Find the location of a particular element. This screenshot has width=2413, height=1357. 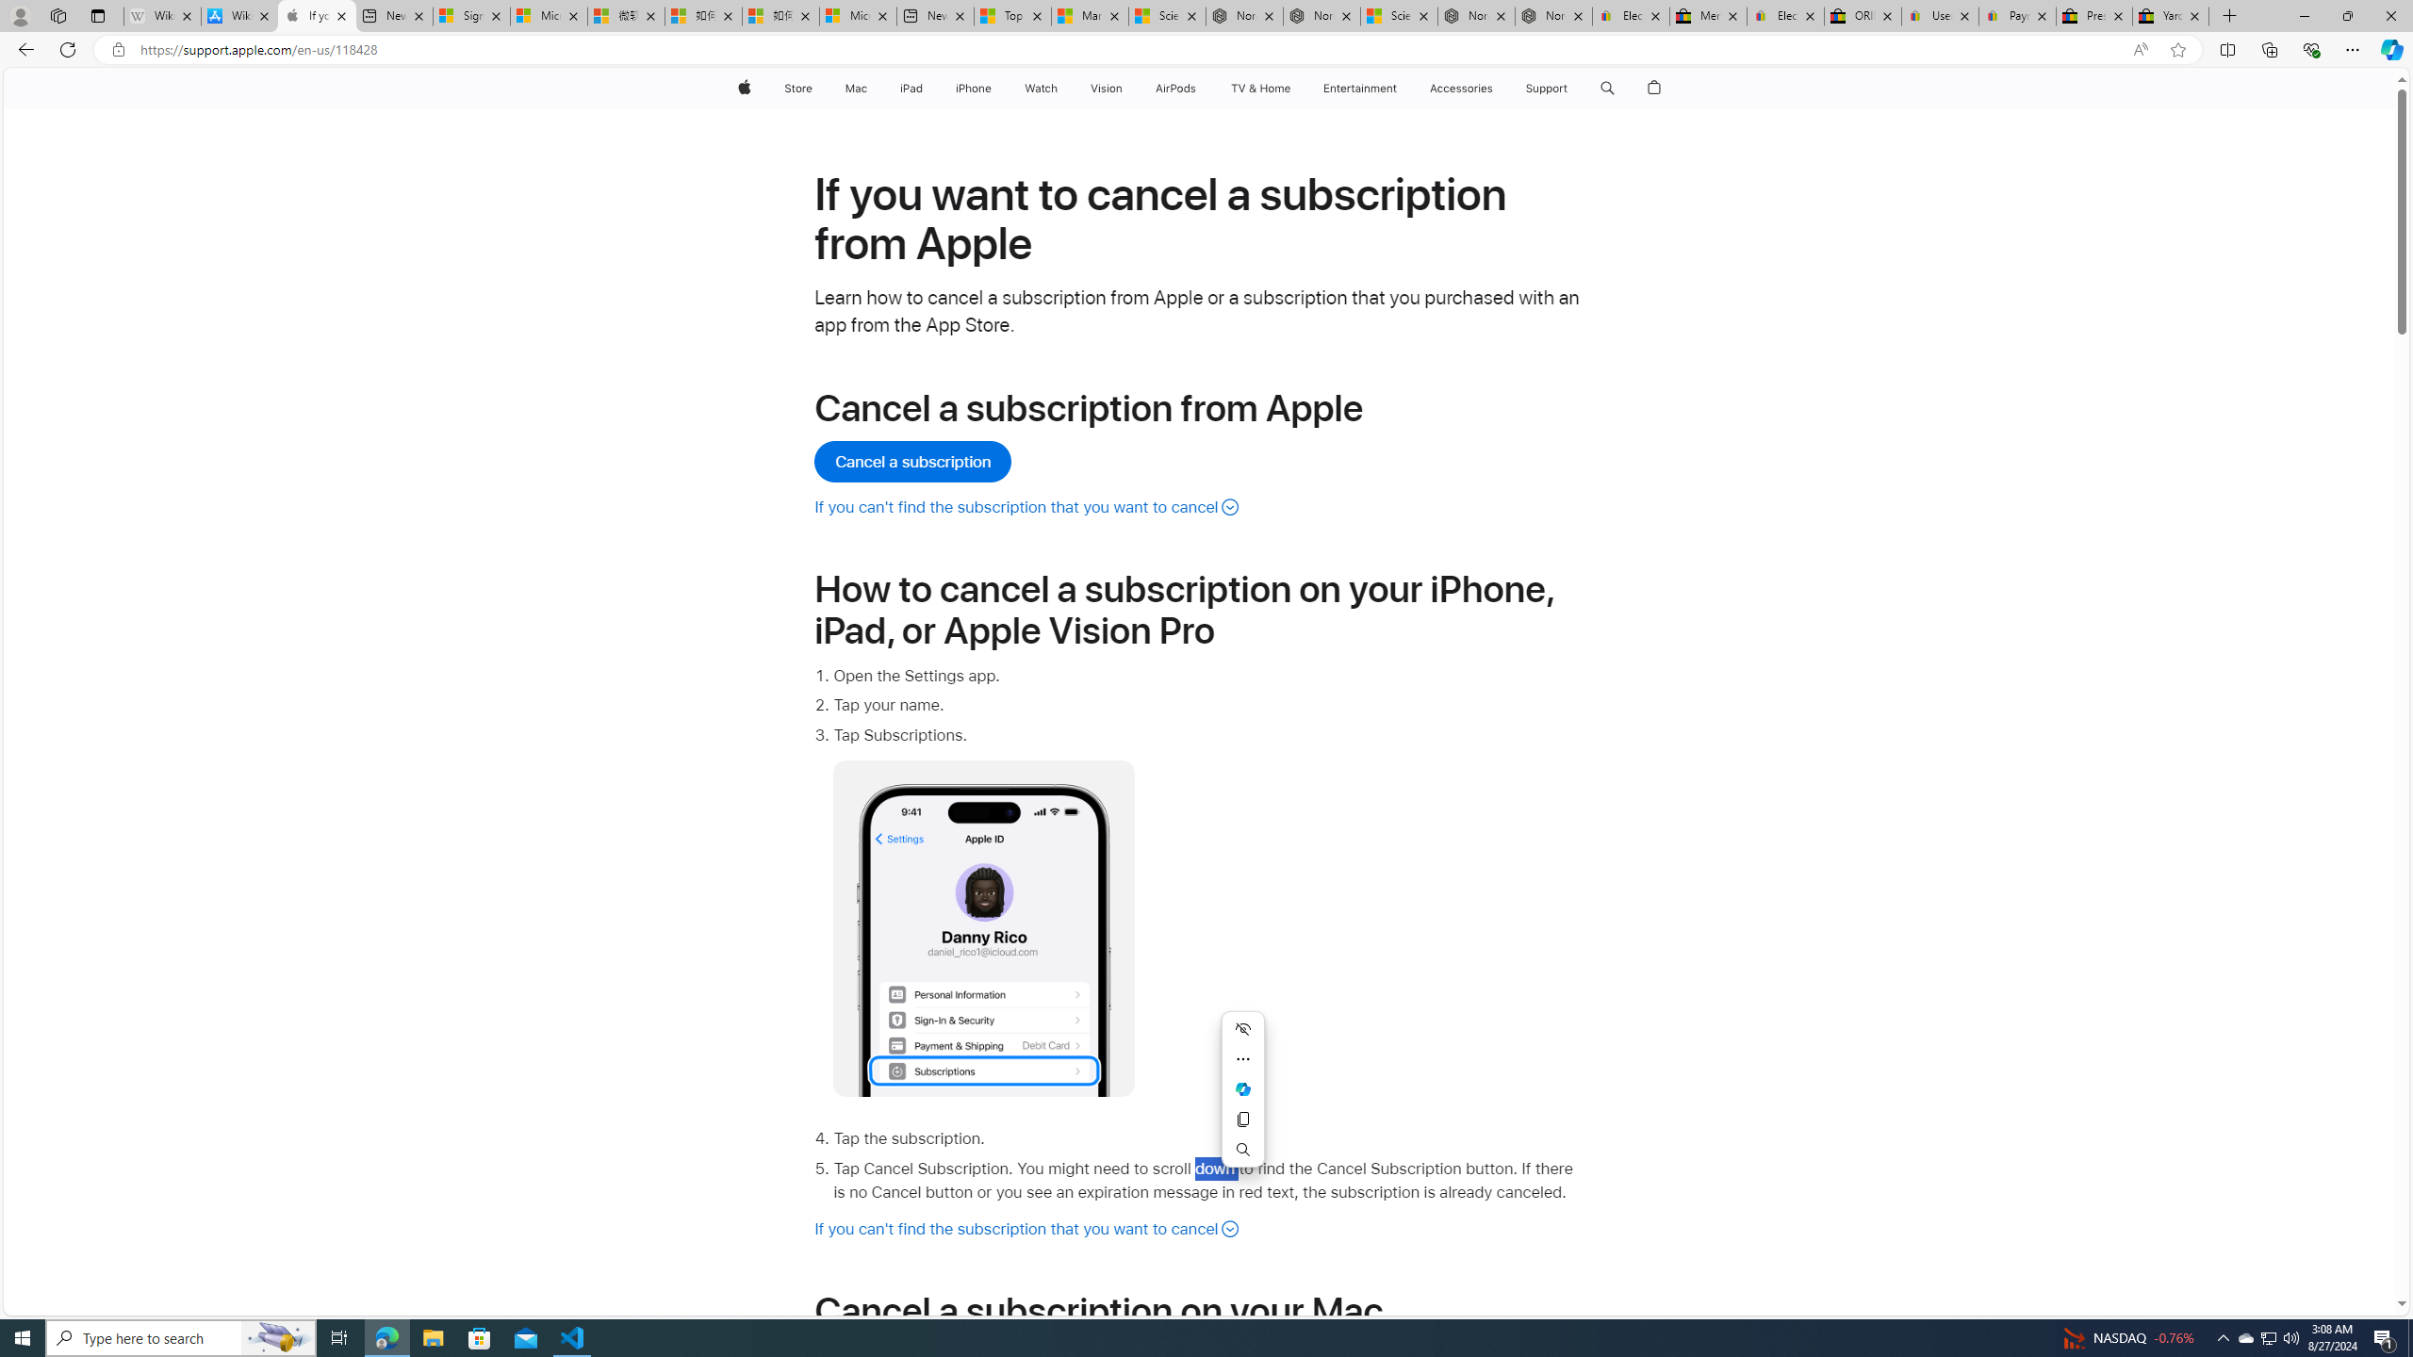

'Support' is located at coordinates (1545, 88).